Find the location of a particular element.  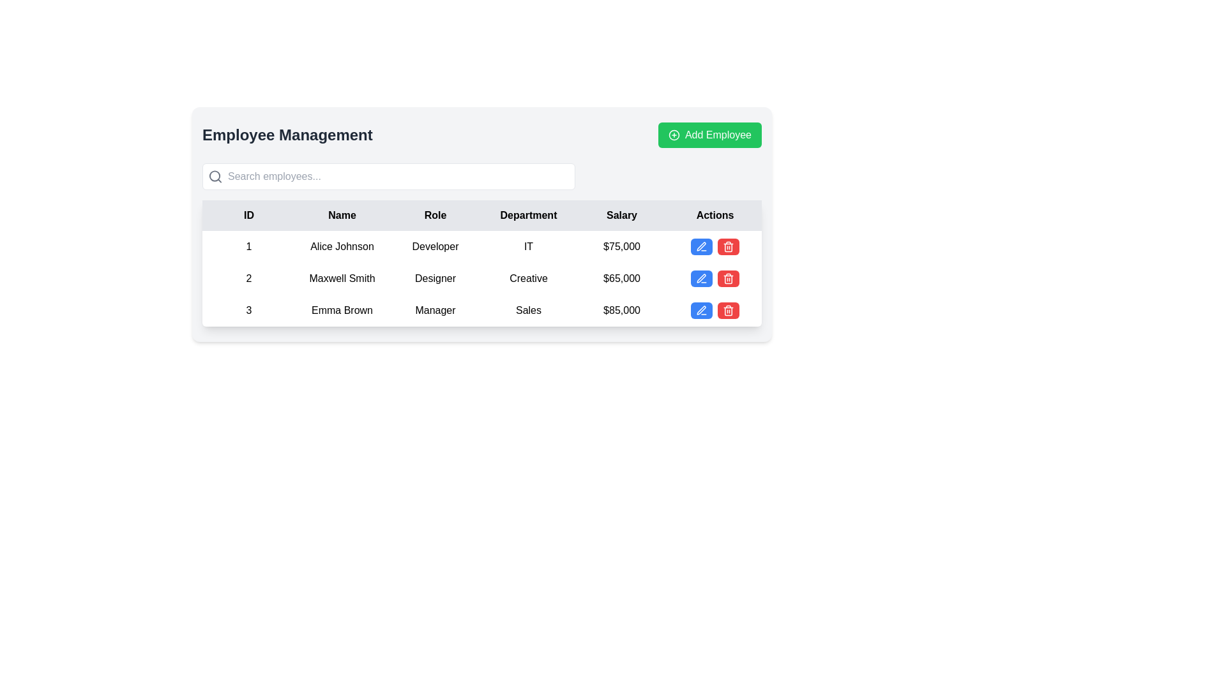

the edit icon button in the Actions column of the second row of the table is located at coordinates (700, 277).